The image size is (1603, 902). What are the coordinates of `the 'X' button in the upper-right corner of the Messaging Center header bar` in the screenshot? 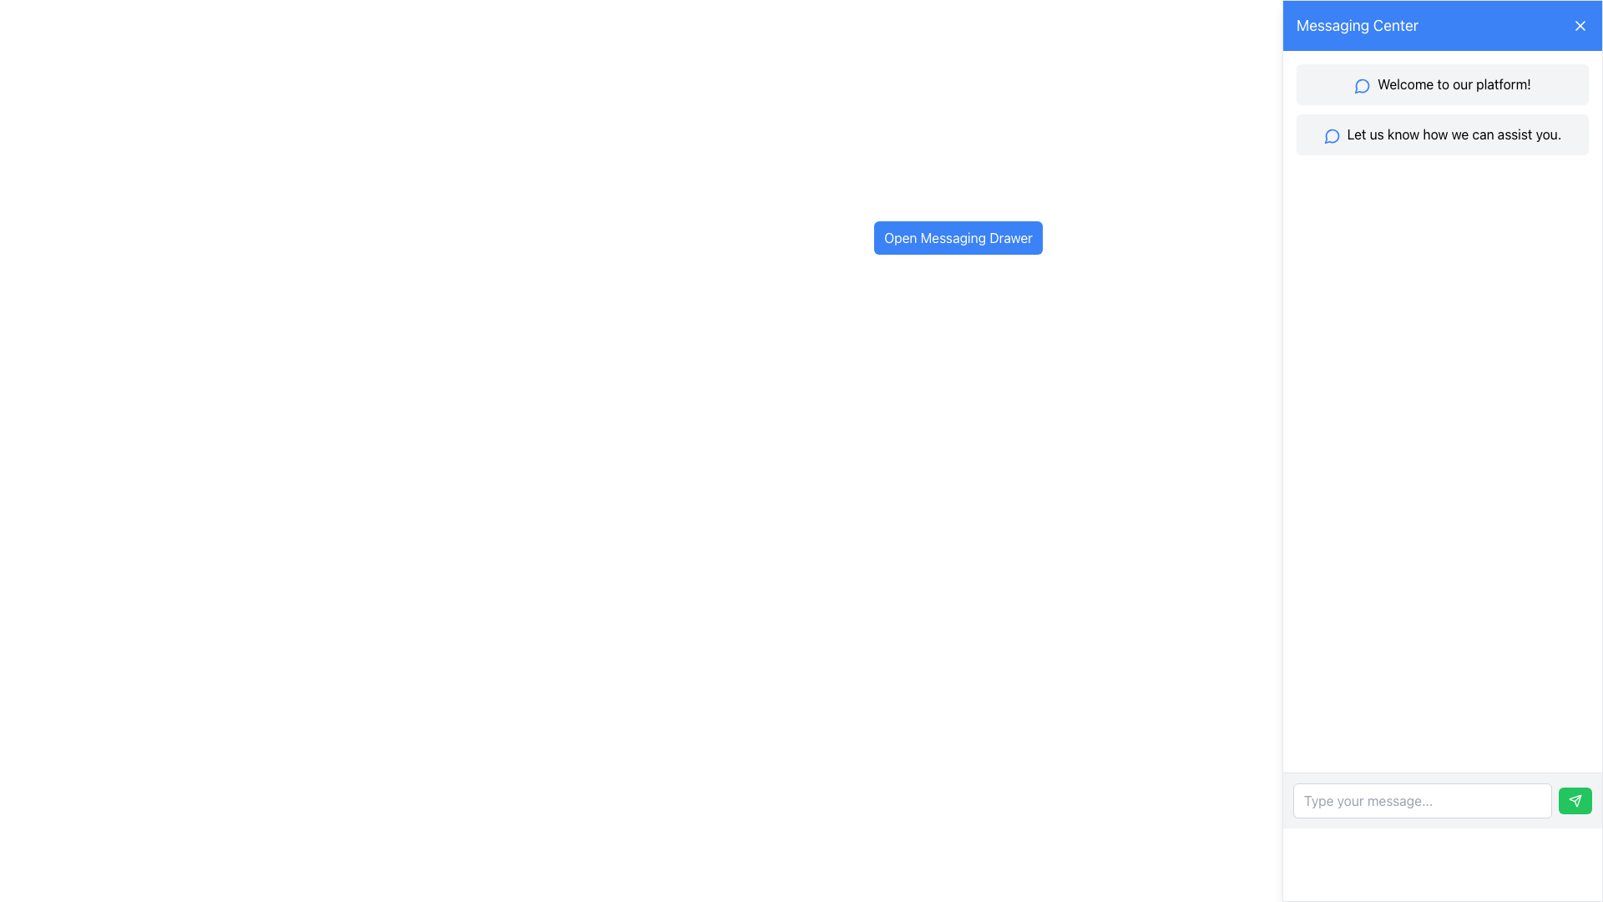 It's located at (1579, 25).